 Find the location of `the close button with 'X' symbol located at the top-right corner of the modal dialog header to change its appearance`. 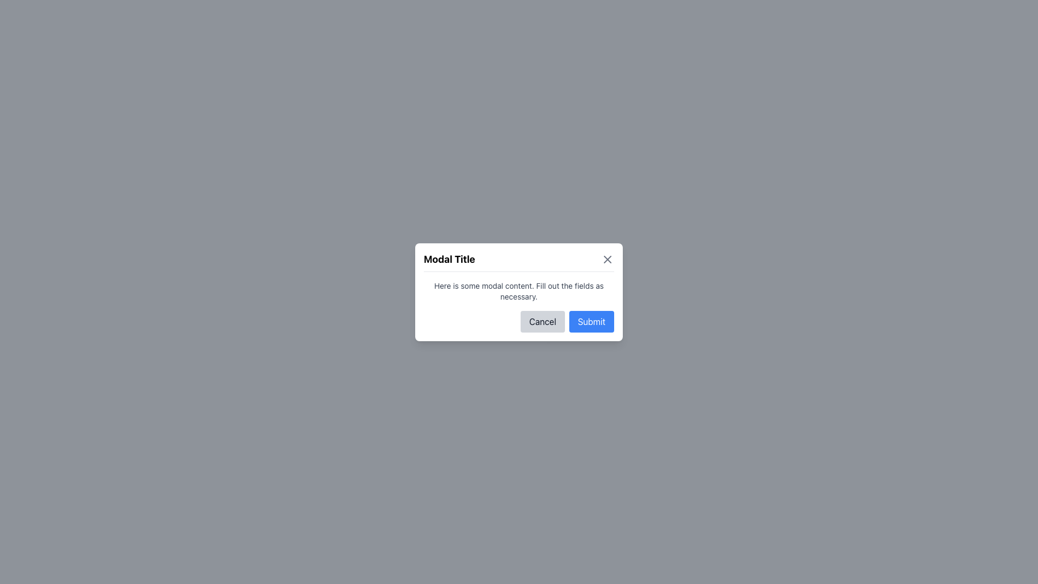

the close button with 'X' symbol located at the top-right corner of the modal dialog header to change its appearance is located at coordinates (607, 258).